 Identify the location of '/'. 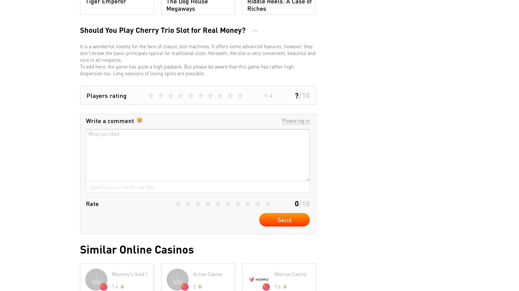
(300, 95).